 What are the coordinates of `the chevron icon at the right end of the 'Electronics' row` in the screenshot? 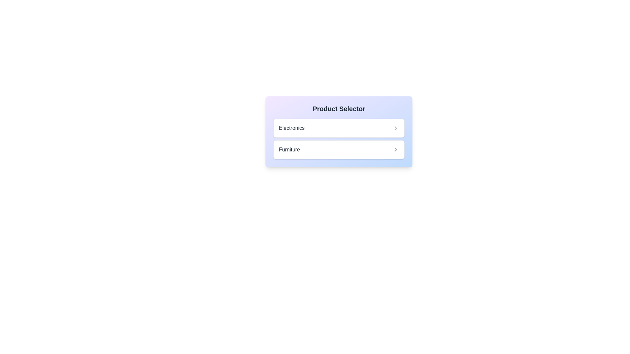 It's located at (395, 128).